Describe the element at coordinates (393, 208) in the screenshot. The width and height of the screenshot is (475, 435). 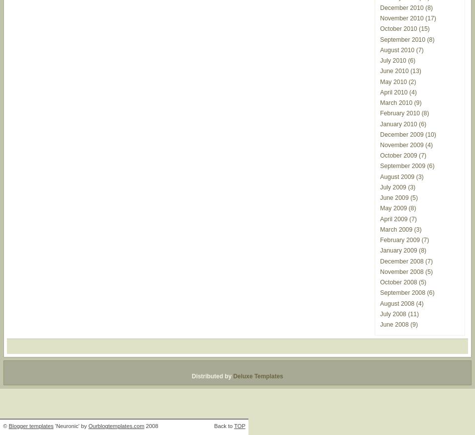
I see `'May 2009'` at that location.